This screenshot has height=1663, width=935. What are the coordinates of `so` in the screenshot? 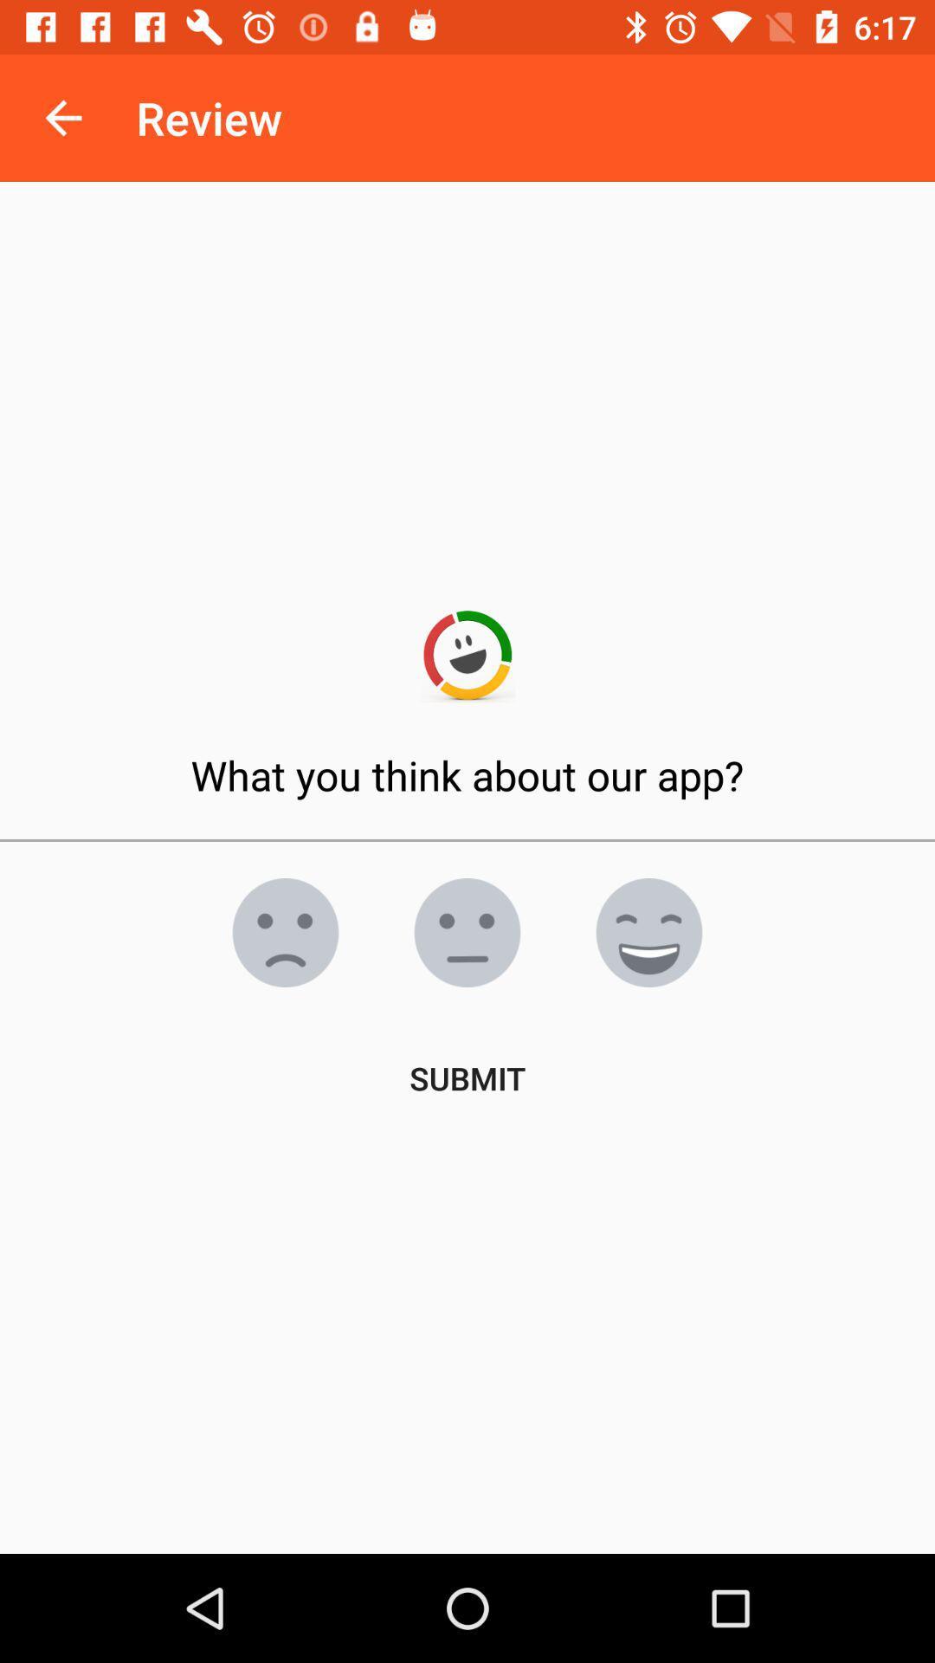 It's located at (648, 931).